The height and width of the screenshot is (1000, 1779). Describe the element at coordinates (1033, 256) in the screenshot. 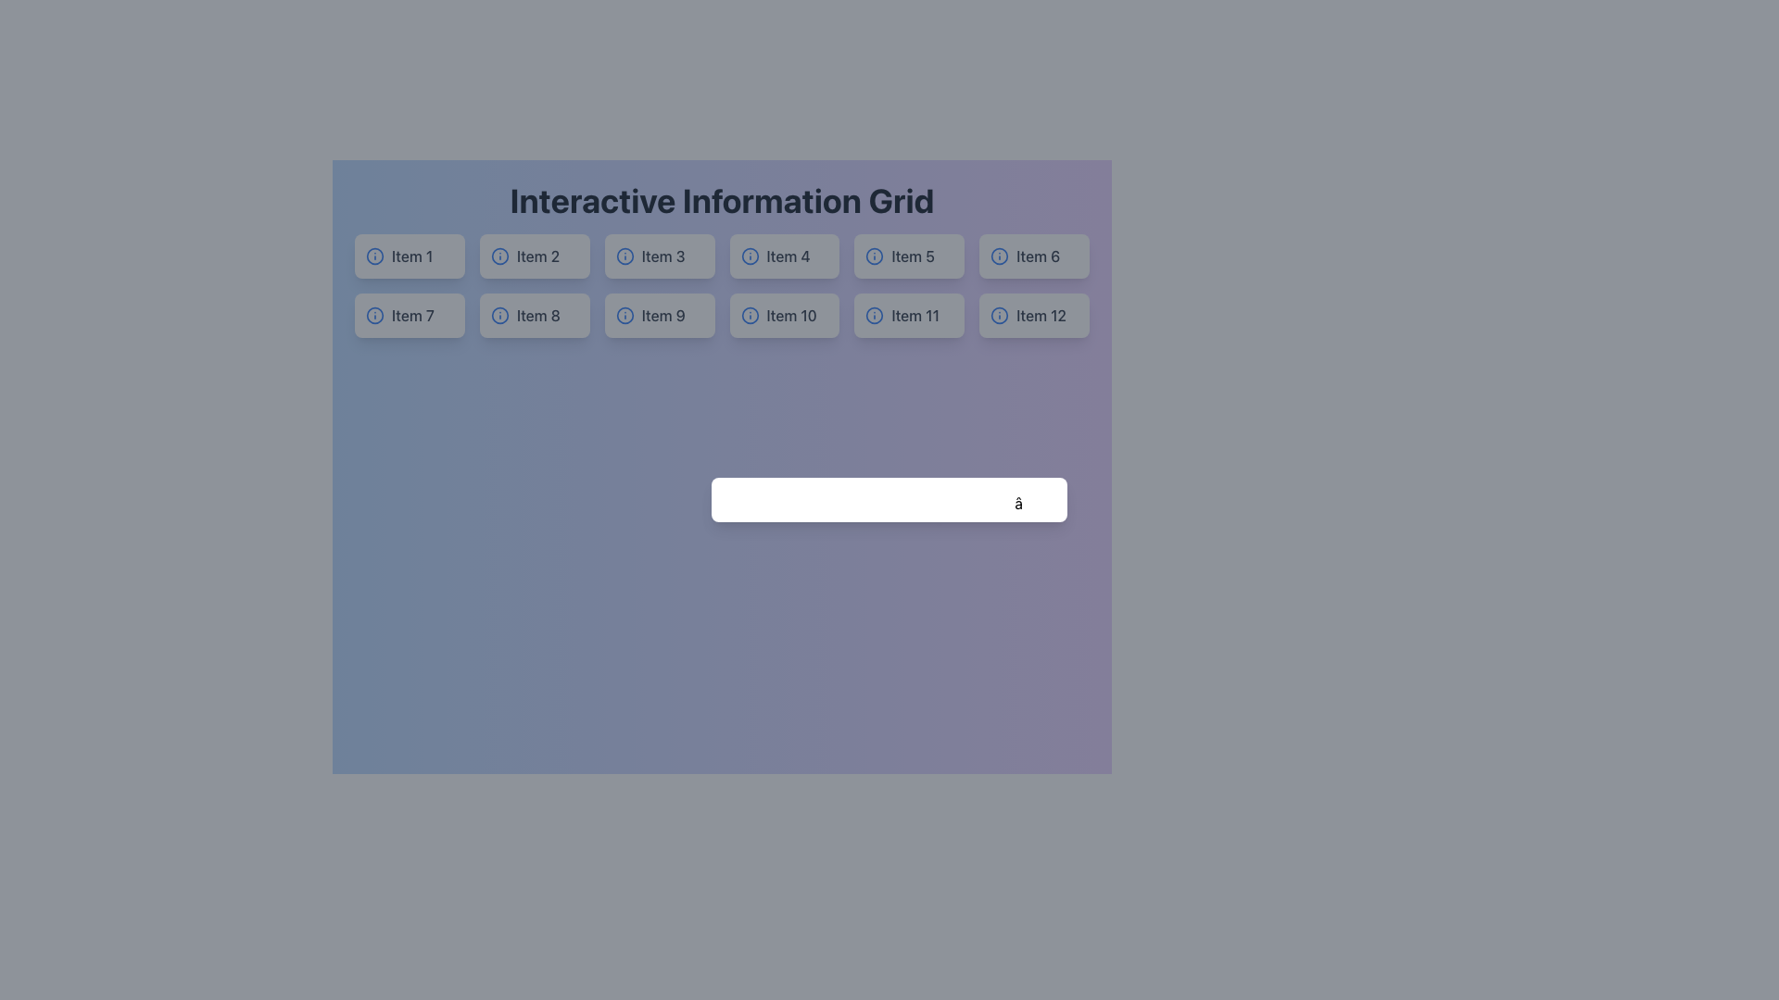

I see `the rectangular button labeled 'Item 6' with a blue circular 'i' icon` at that location.